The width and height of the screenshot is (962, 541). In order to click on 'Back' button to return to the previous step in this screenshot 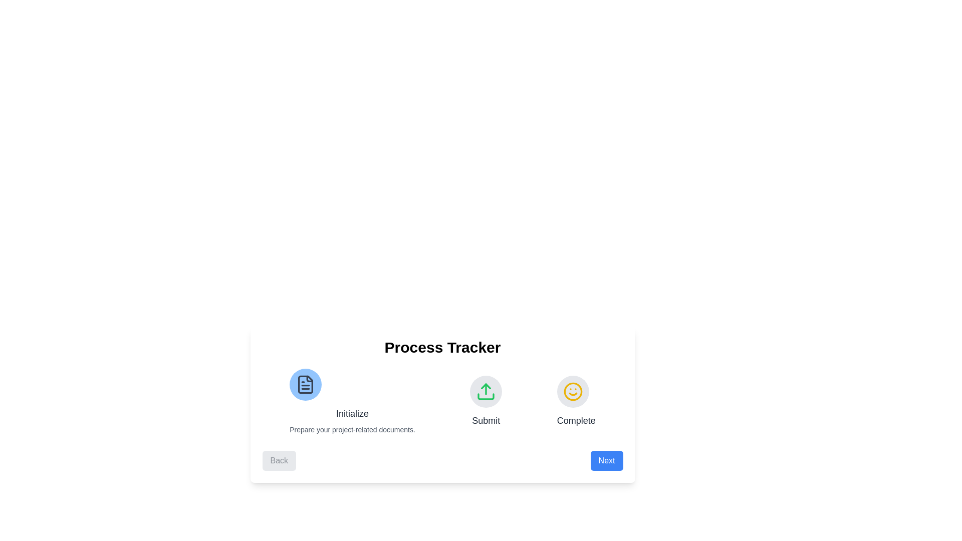, I will do `click(279, 461)`.